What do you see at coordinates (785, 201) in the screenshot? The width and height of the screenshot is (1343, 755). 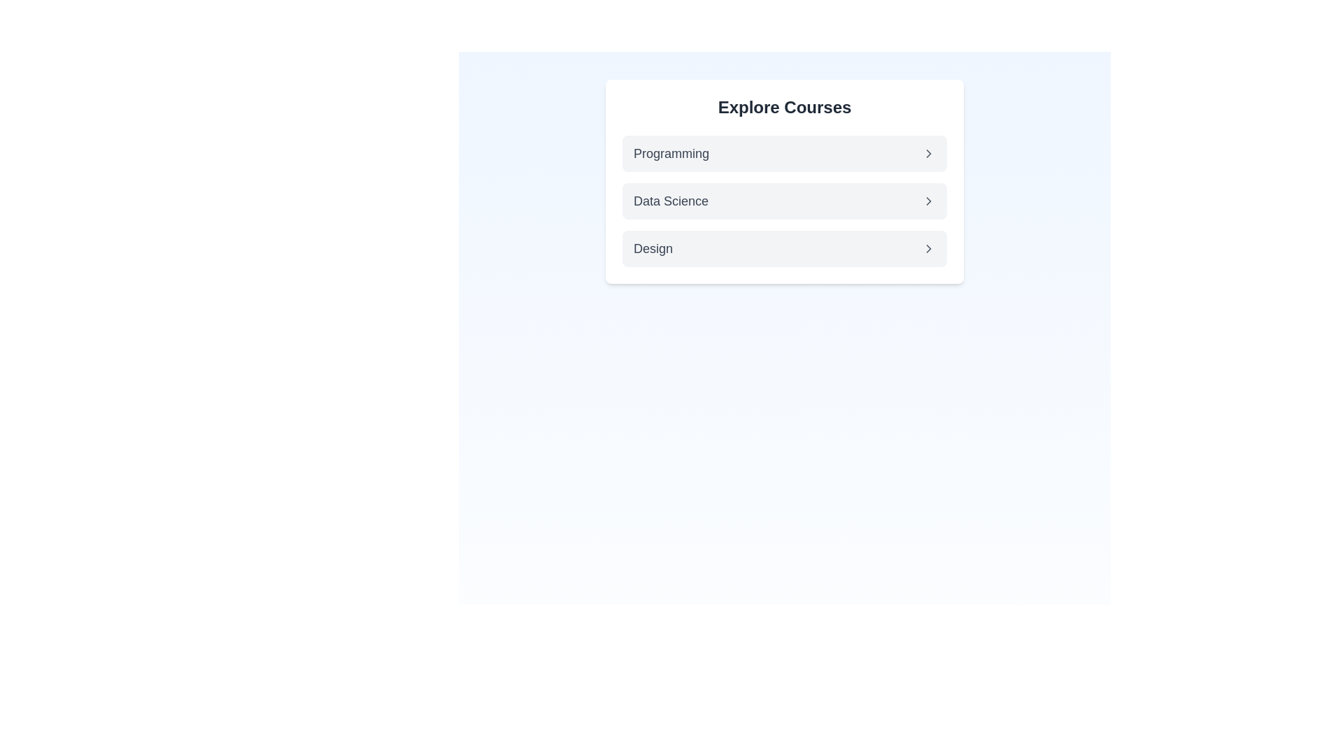 I see `the 'Data Science' button, which is the second entry under the 'Explore Courses' section` at bounding box center [785, 201].